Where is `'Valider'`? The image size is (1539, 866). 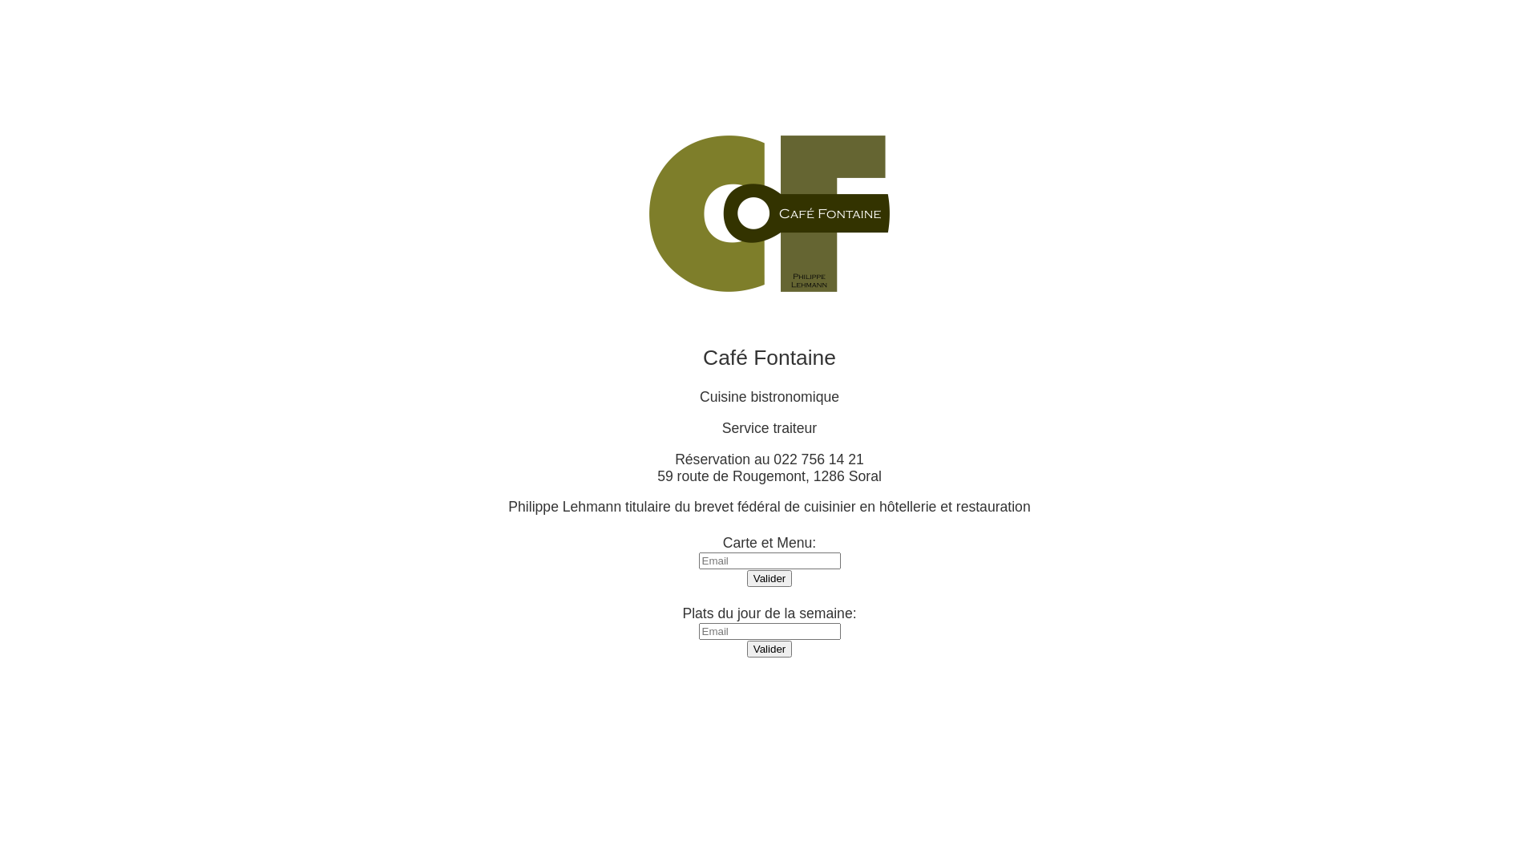 'Valider' is located at coordinates (769, 578).